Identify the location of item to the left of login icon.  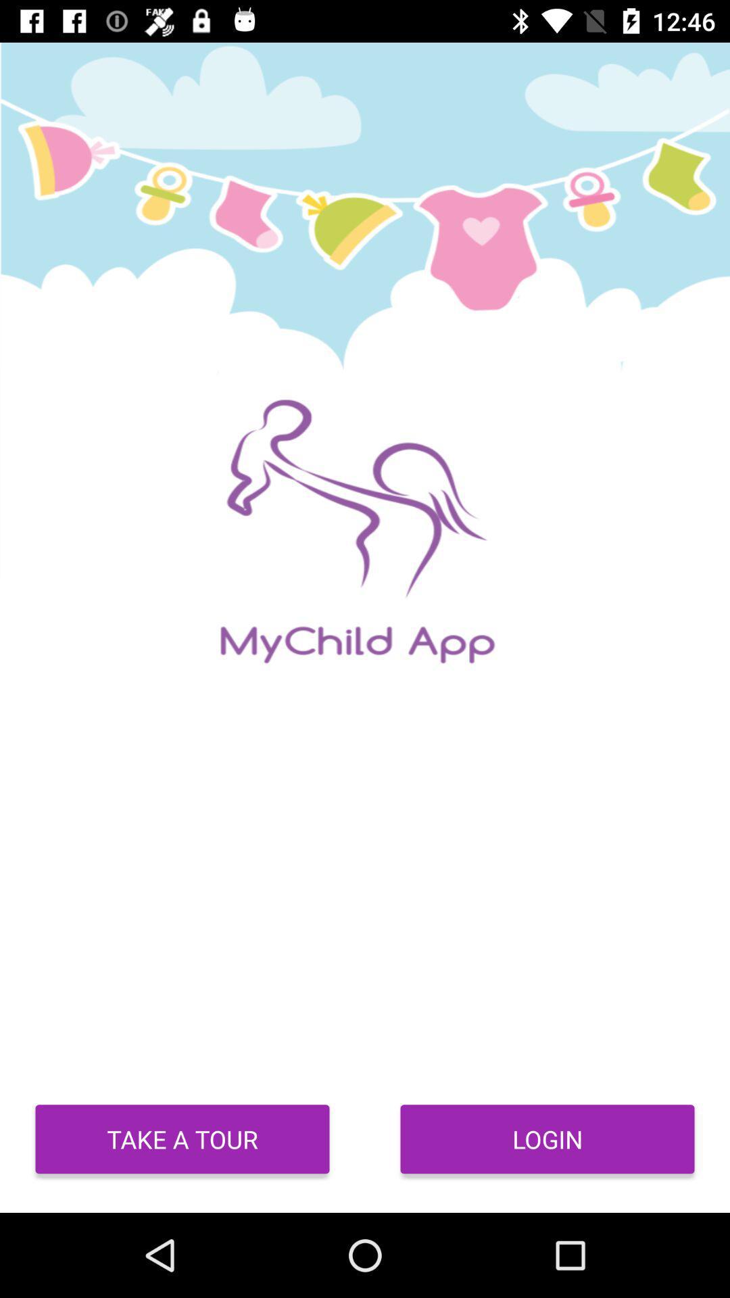
(182, 1138).